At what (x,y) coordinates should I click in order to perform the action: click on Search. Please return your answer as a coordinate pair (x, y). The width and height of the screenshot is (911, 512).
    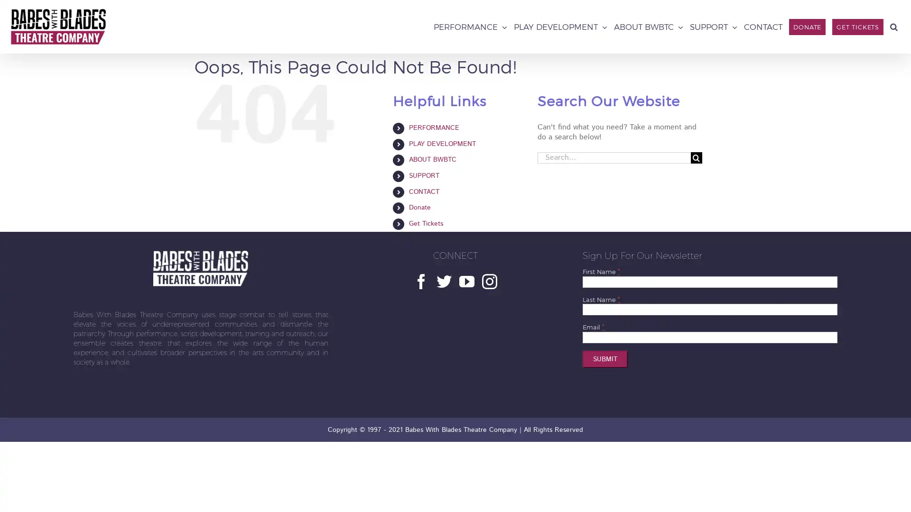
    Looking at the image, I should click on (893, 26).